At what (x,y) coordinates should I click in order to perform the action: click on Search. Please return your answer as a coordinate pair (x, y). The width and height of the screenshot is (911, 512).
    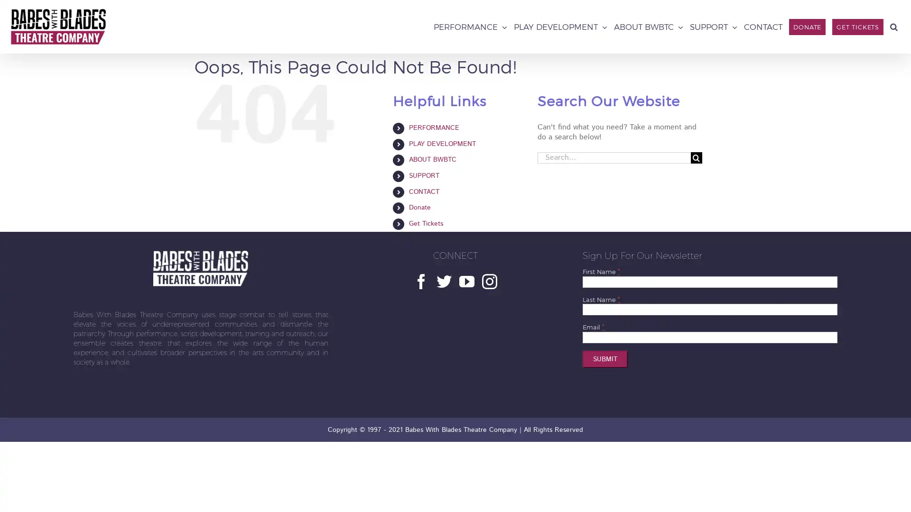
    Looking at the image, I should click on (893, 26).